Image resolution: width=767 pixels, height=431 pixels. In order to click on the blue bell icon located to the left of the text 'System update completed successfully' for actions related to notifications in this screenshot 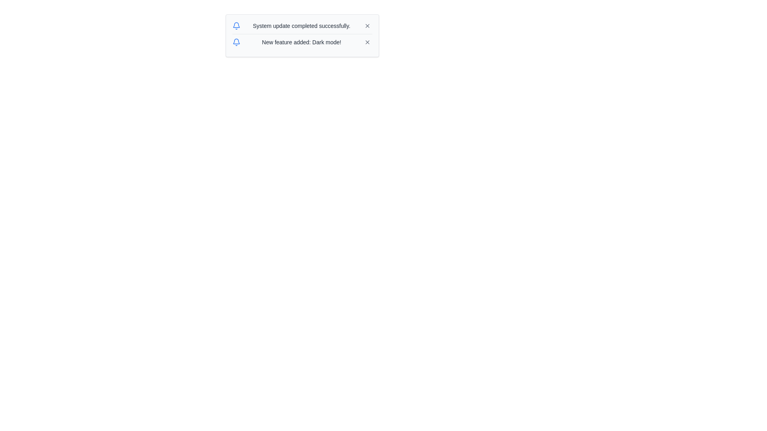, I will do `click(236, 26)`.